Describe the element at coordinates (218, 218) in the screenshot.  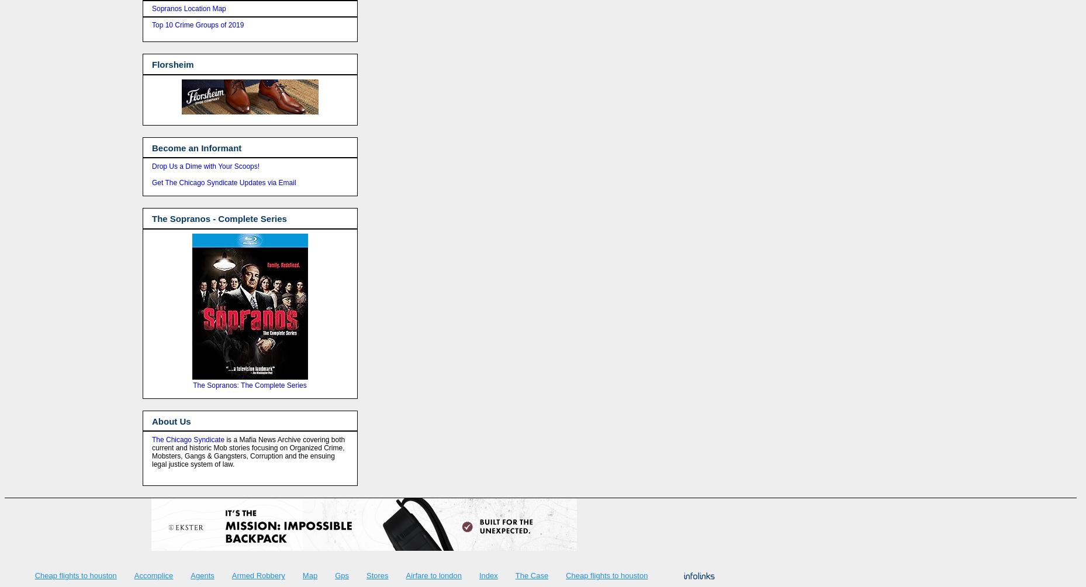
I see `'The Sopranos - Complete Series'` at that location.